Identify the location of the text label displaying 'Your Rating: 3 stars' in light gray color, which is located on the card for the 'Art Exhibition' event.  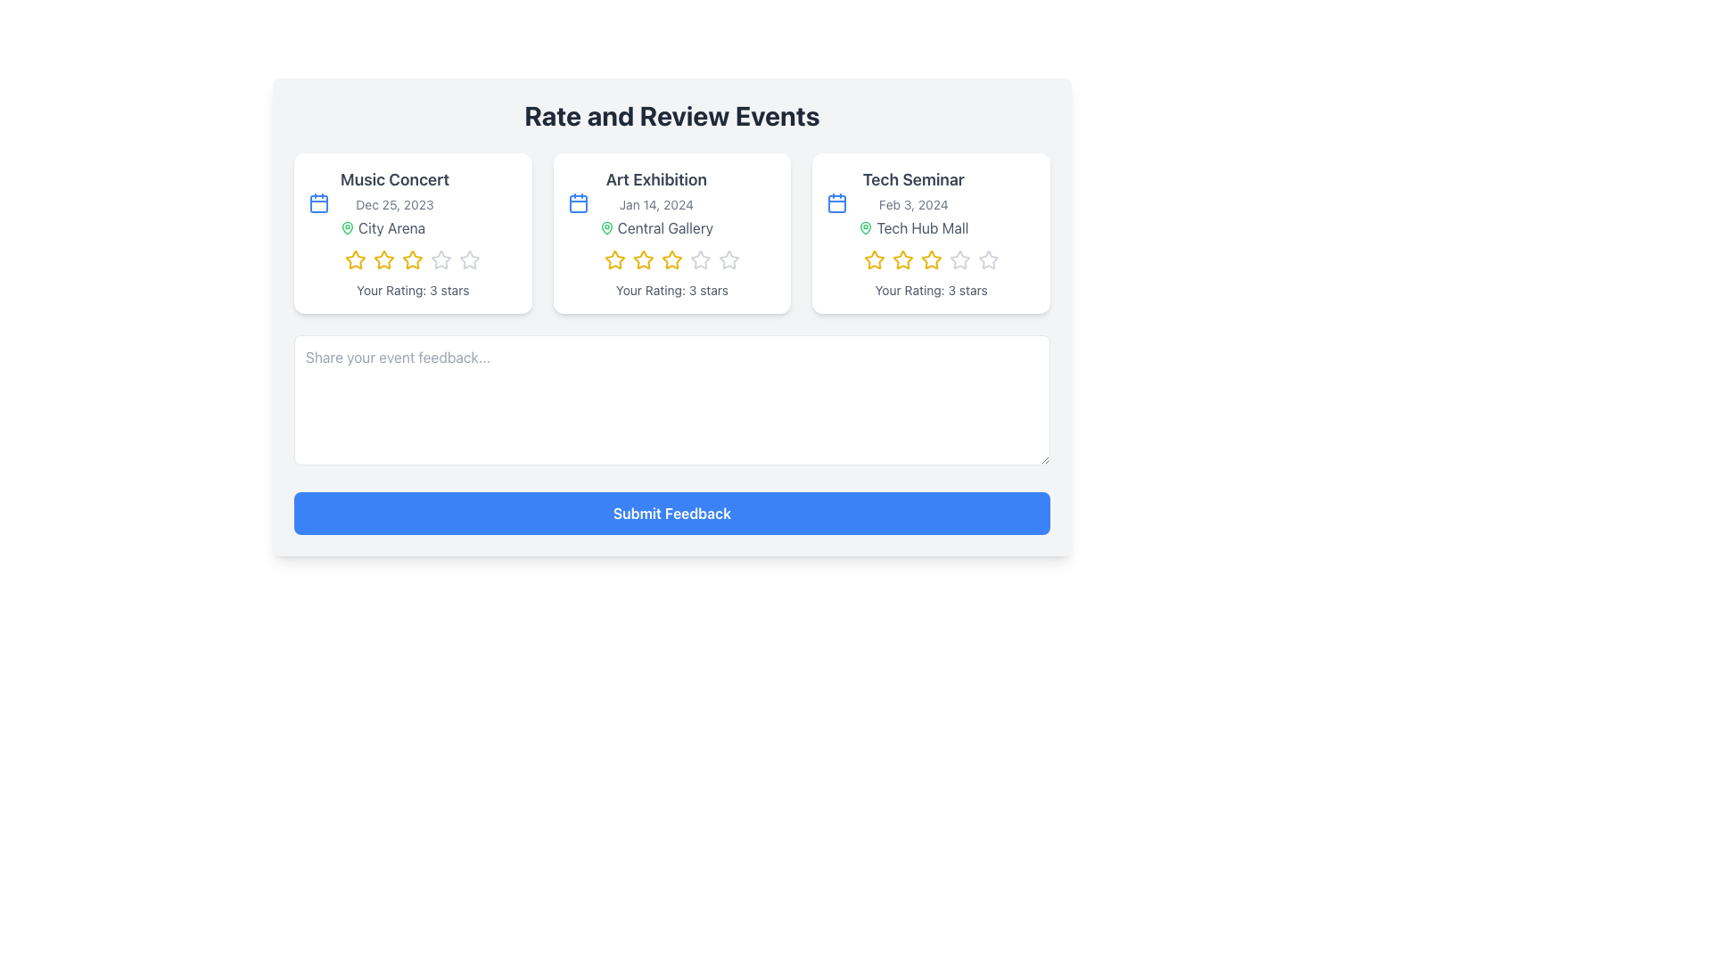
(671, 290).